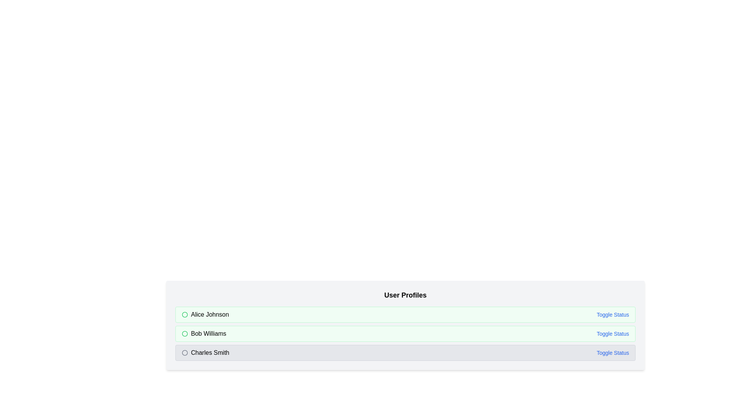  I want to click on the user's name 'Alice Johnson' which is represented by a text with a decorative green circle indicating online status, located in the first list item under the 'User Profiles' section, so click(205, 315).